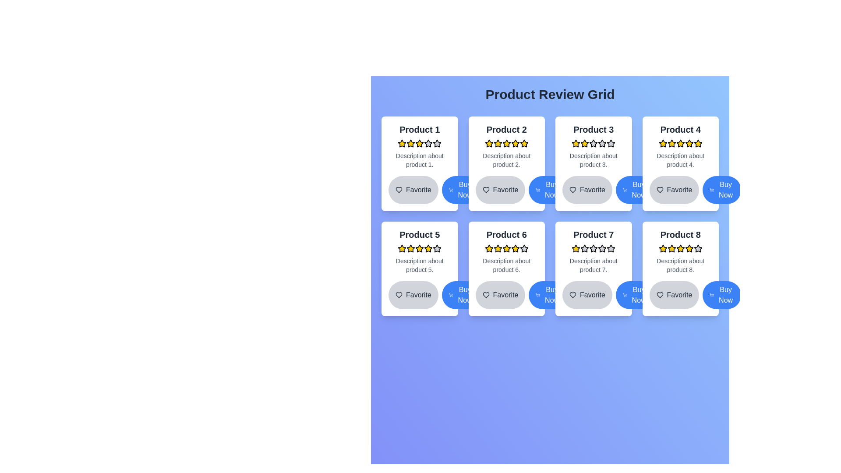 This screenshot has width=841, height=473. Describe the element at coordinates (680, 295) in the screenshot. I see `the 'Favorite' button with a heart-shaped icon located in the bottom-left corner of the card for 'Product 8'` at that location.